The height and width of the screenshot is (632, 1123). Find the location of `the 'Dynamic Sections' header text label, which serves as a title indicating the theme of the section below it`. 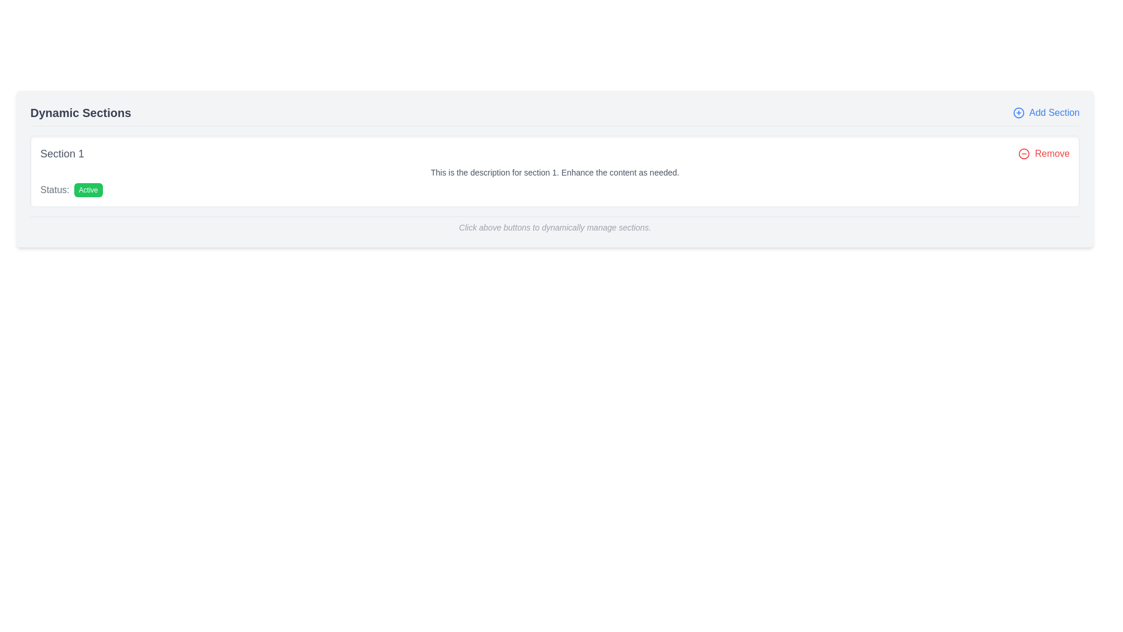

the 'Dynamic Sections' header text label, which serves as a title indicating the theme of the section below it is located at coordinates (80, 112).